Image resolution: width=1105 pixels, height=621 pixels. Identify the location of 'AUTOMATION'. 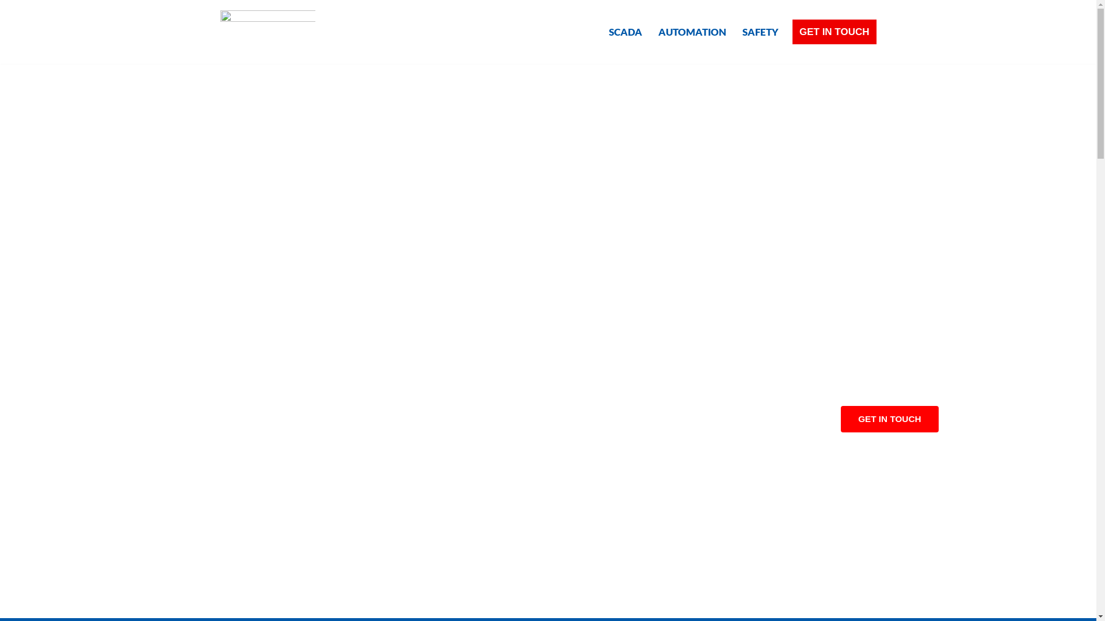
(658, 30).